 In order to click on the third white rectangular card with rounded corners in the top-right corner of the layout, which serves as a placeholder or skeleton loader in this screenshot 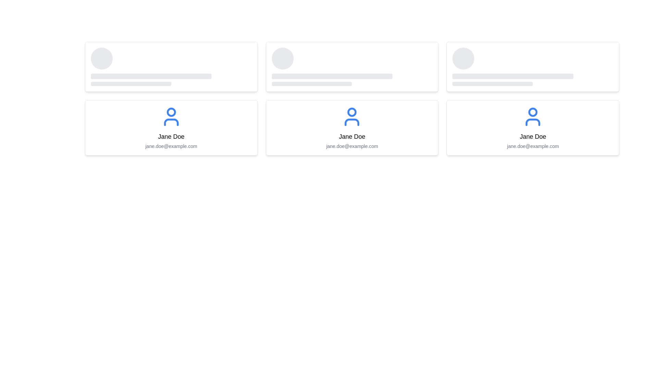, I will do `click(533, 67)`.